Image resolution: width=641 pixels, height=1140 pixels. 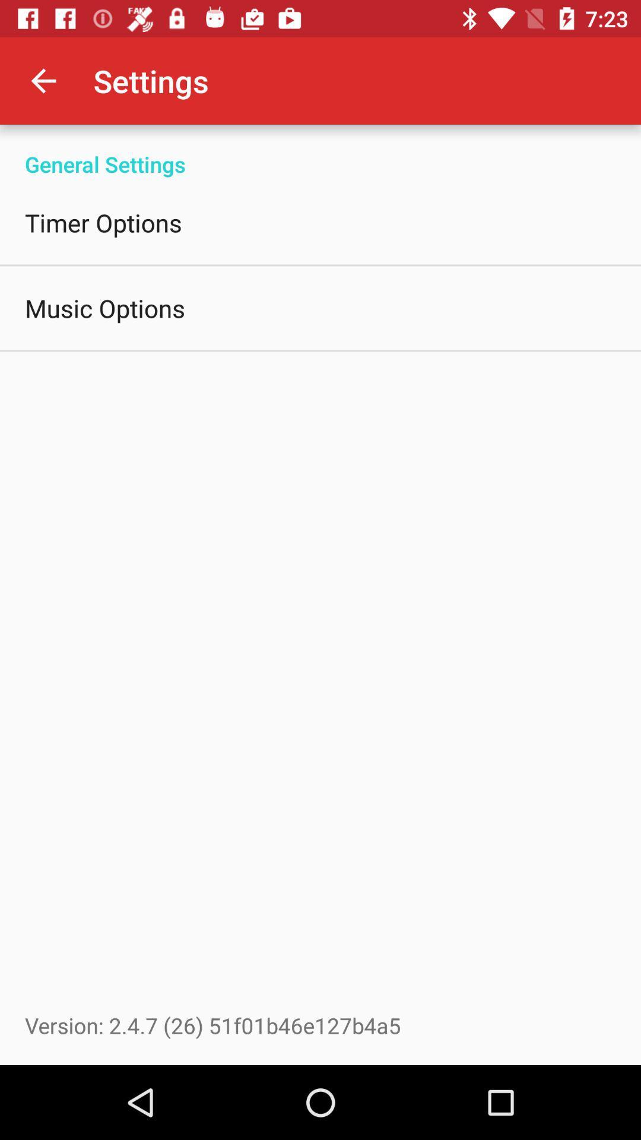 What do you see at coordinates (103, 222) in the screenshot?
I see `the timer options icon` at bounding box center [103, 222].